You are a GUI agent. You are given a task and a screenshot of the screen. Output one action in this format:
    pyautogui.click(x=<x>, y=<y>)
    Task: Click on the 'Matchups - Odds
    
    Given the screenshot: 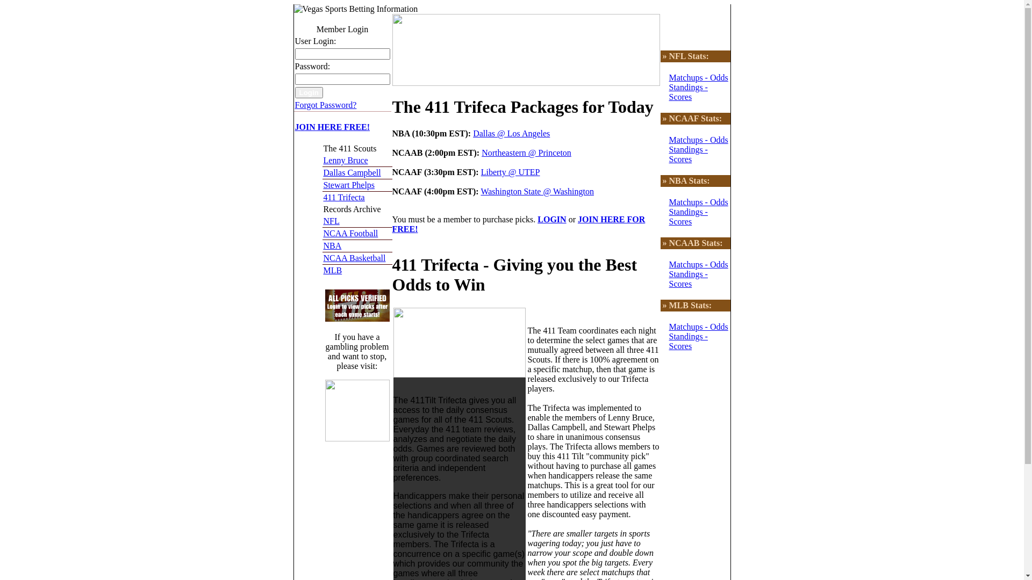 What is the action you would take?
    pyautogui.click(x=698, y=336)
    